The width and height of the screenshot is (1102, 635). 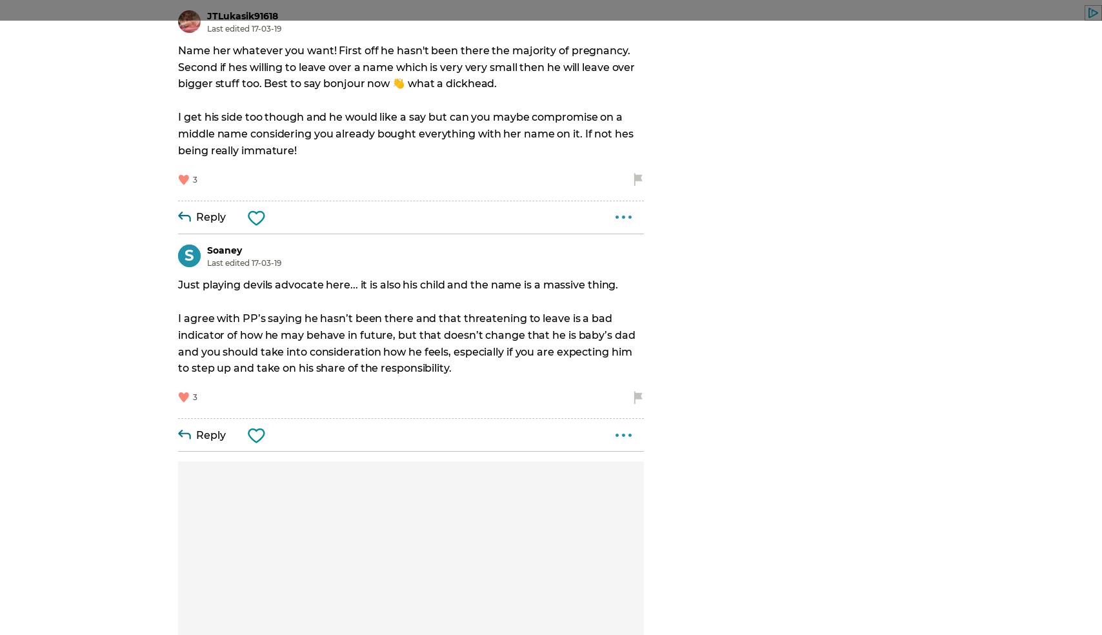 What do you see at coordinates (407, 66) in the screenshot?
I see `'Name her whatever you want! First off he hasn't been there the majority of pregnancy. Second if hes willing to leave over a name which is very very small then he will leave over bigger stuff too. Best to say bonjour now 👋 what a dickhead.'` at bounding box center [407, 66].